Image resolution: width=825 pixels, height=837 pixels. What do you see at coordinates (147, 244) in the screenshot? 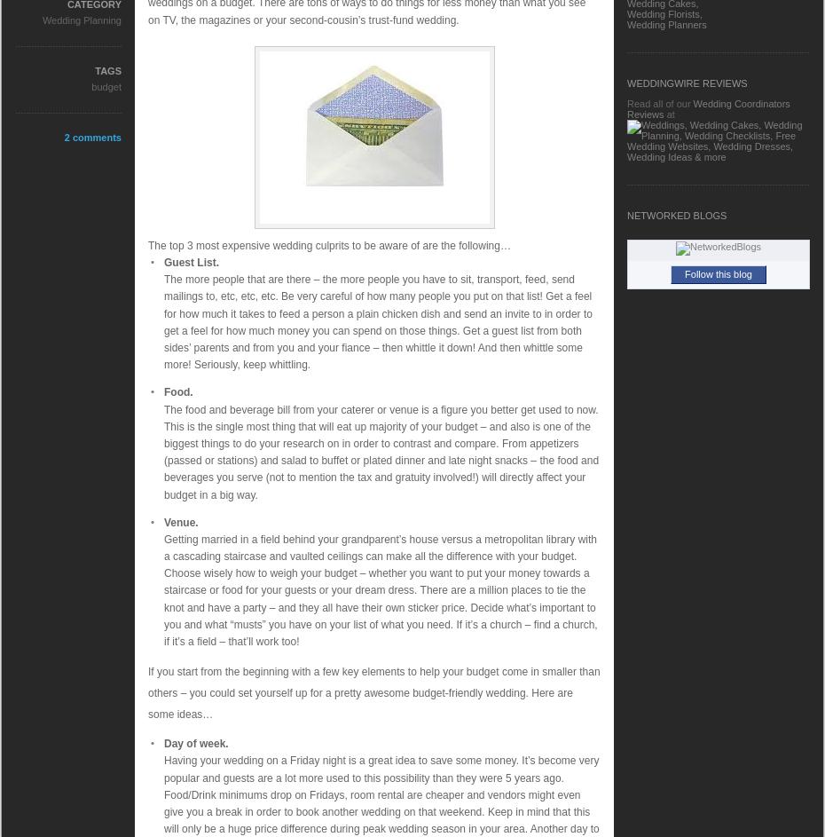
I see `'The top 3 most expensive wedding culprits to be aware of are the following…'` at bounding box center [147, 244].